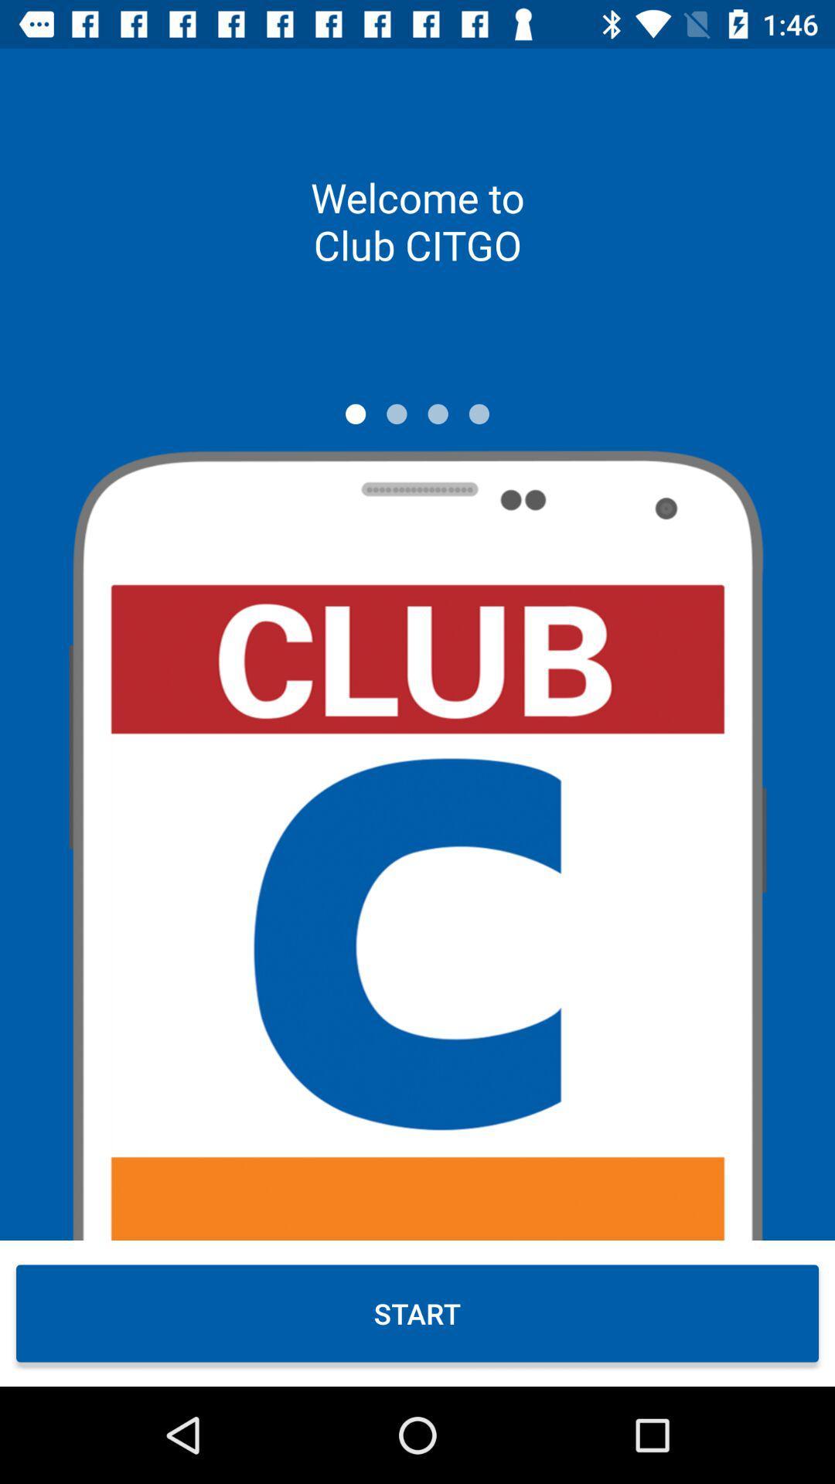  What do you see at coordinates (356, 414) in the screenshot?
I see `icon below welcome to club` at bounding box center [356, 414].